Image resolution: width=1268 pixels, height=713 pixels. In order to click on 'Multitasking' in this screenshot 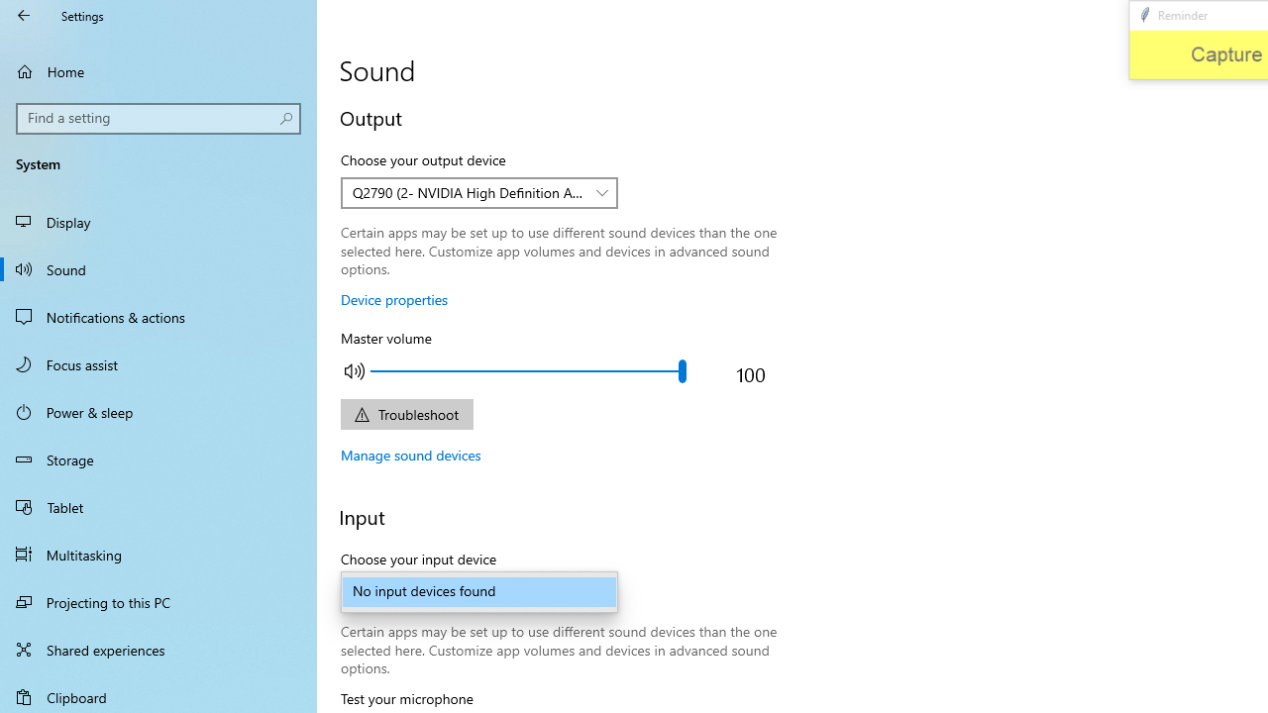, I will do `click(158, 554)`.